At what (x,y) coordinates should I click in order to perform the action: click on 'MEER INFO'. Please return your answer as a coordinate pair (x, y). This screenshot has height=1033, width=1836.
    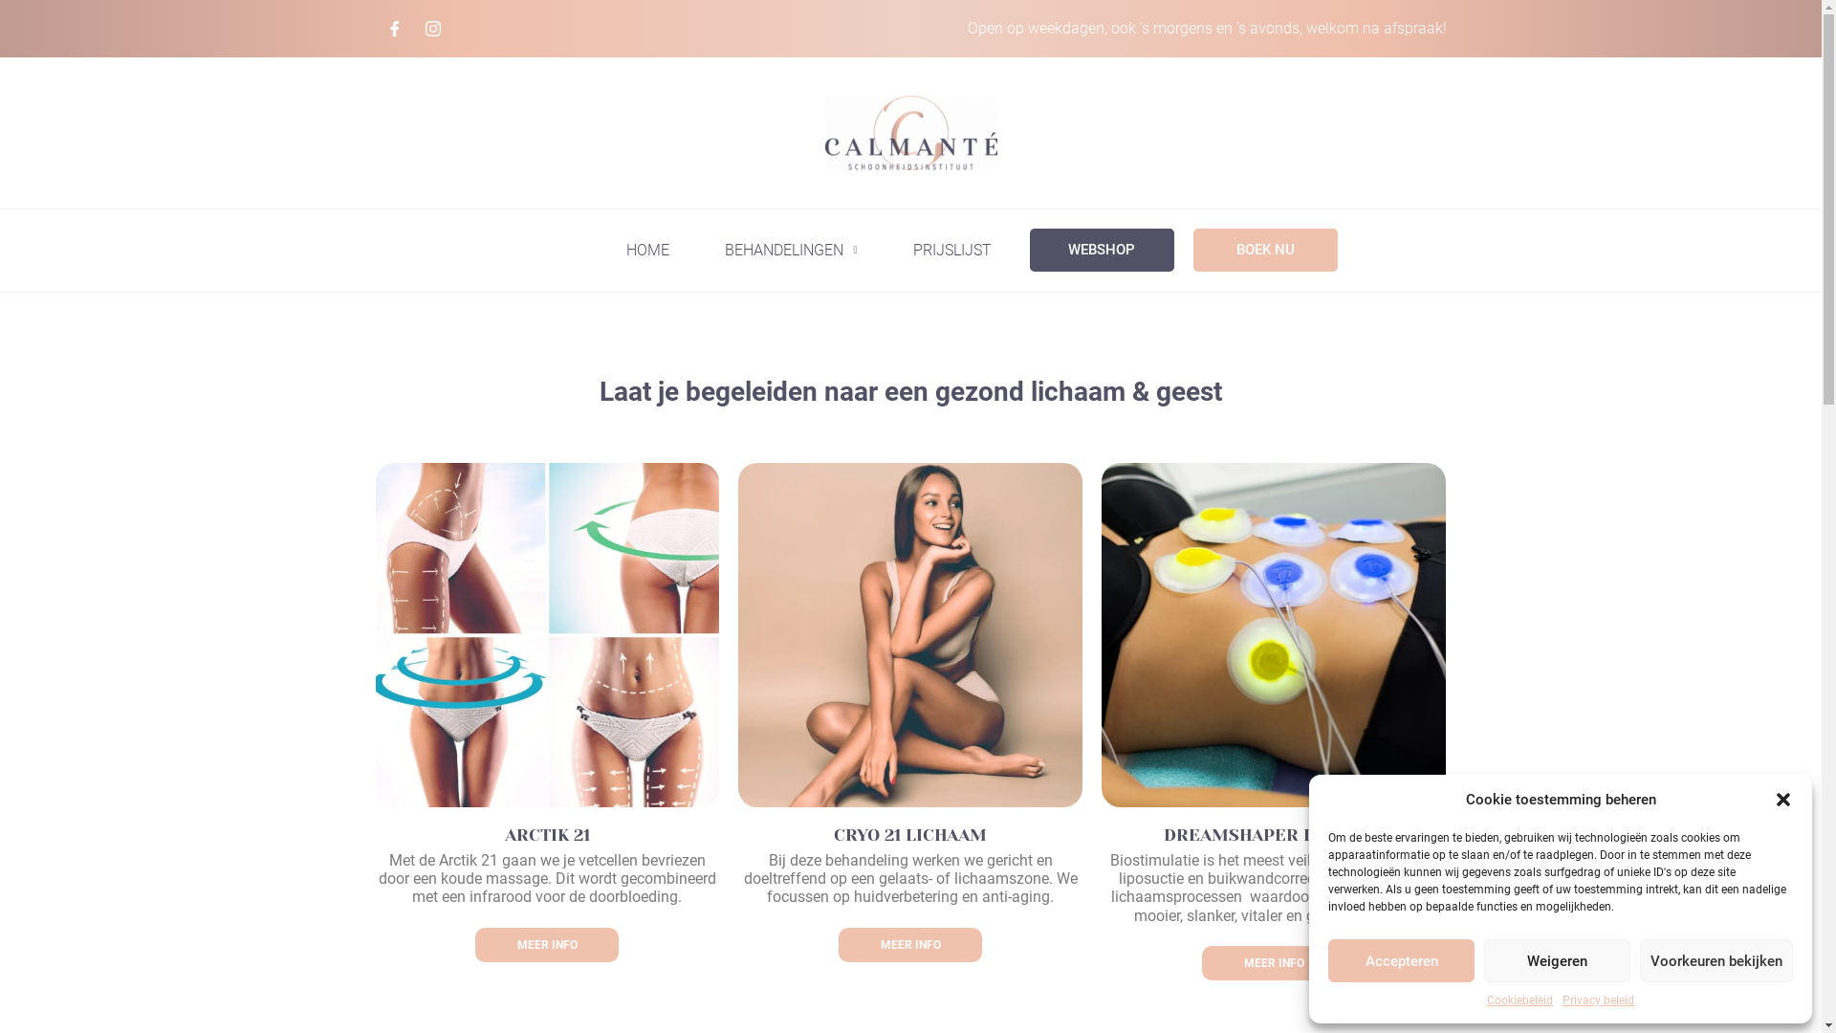
    Looking at the image, I should click on (1273, 962).